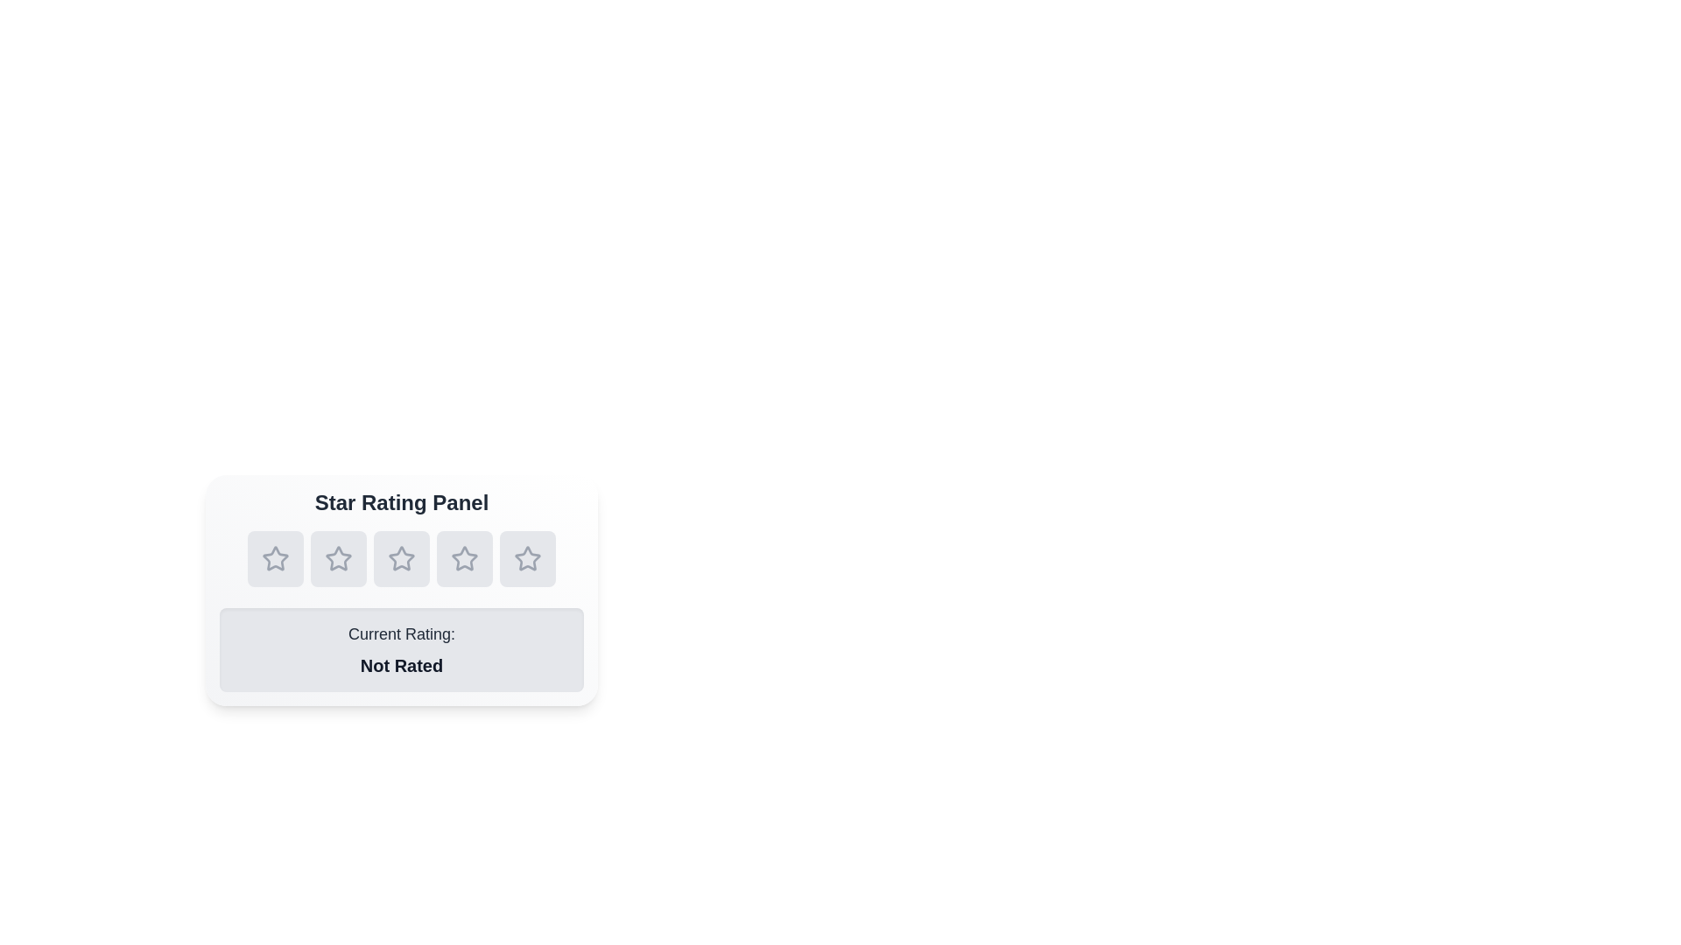 Image resolution: width=1681 pixels, height=945 pixels. I want to click on the first star icon in the star rating panel to set a rating, so click(275, 559).